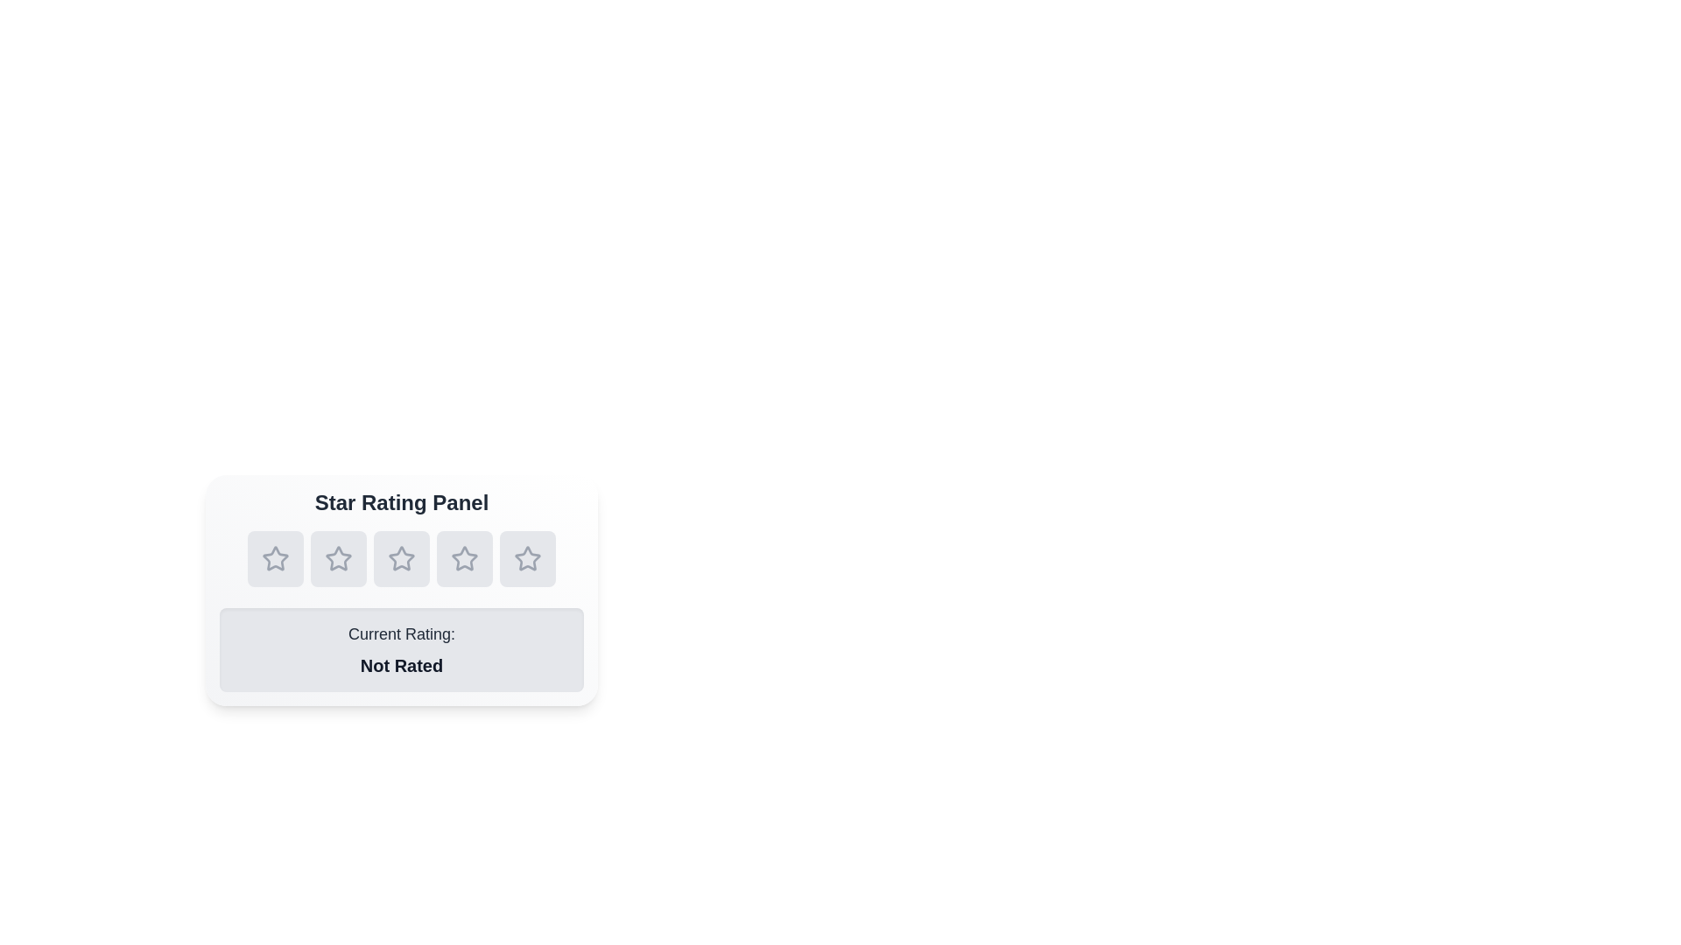 Image resolution: width=1681 pixels, height=945 pixels. I want to click on the first star icon in the star rating panel to set a rating, so click(275, 559).